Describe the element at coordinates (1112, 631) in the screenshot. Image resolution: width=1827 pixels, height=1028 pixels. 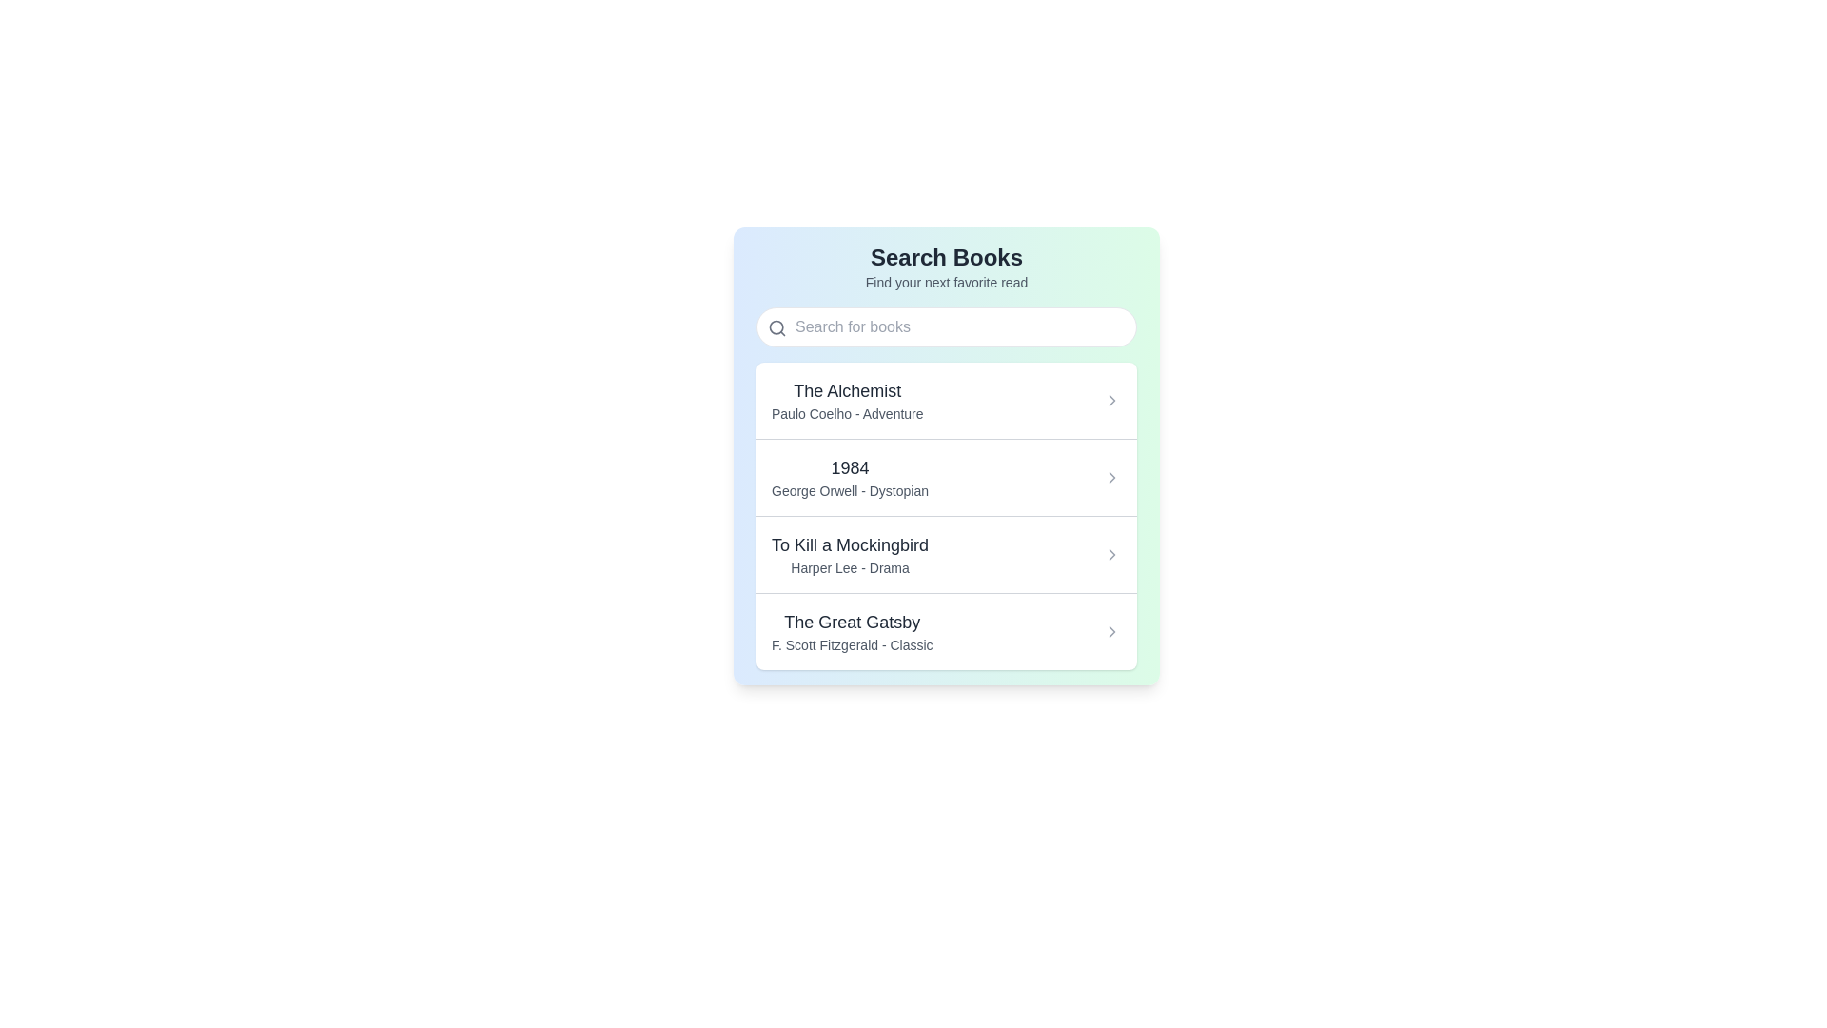
I see `the navigational icon located at the far right of the list item for 'The Great Gatsby F. Scott Fitzgerald - Classic'` at that location.